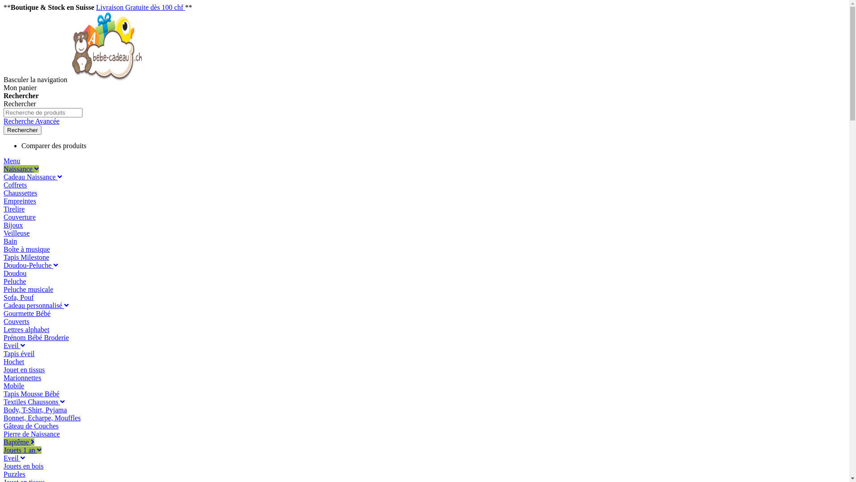 This screenshot has height=482, width=856. Describe the element at coordinates (15, 281) in the screenshot. I see `'Peluche'` at that location.